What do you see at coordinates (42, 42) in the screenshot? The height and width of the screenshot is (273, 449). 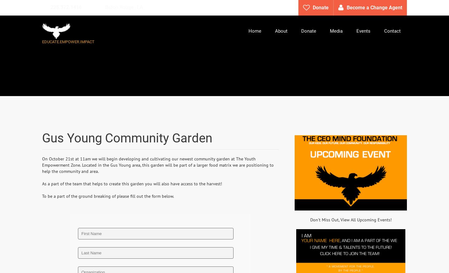 I see `'EDUCATE.EMPOWER.IMPACT'` at bounding box center [42, 42].